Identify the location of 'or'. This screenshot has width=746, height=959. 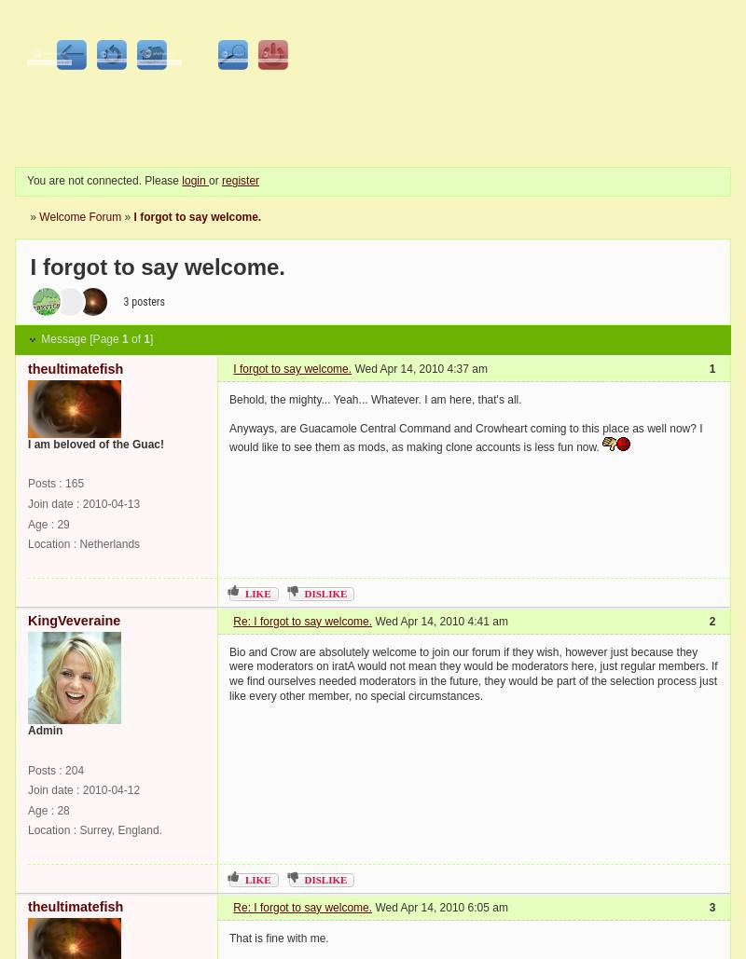
(215, 180).